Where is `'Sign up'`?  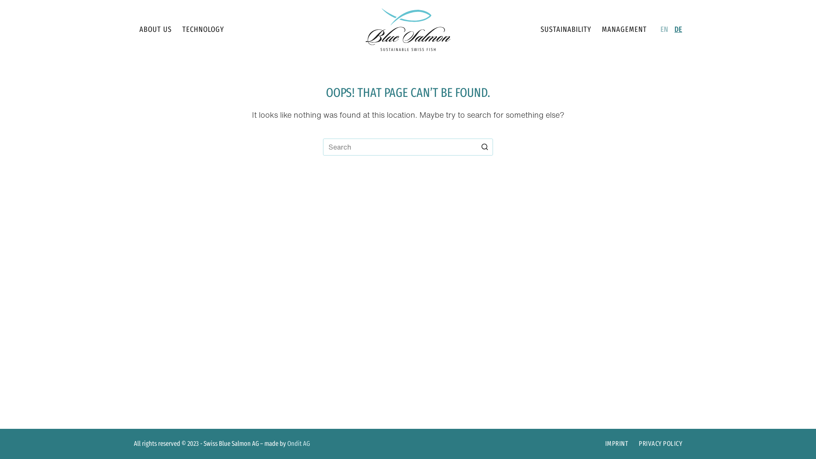 'Sign up' is located at coordinates (408, 286).